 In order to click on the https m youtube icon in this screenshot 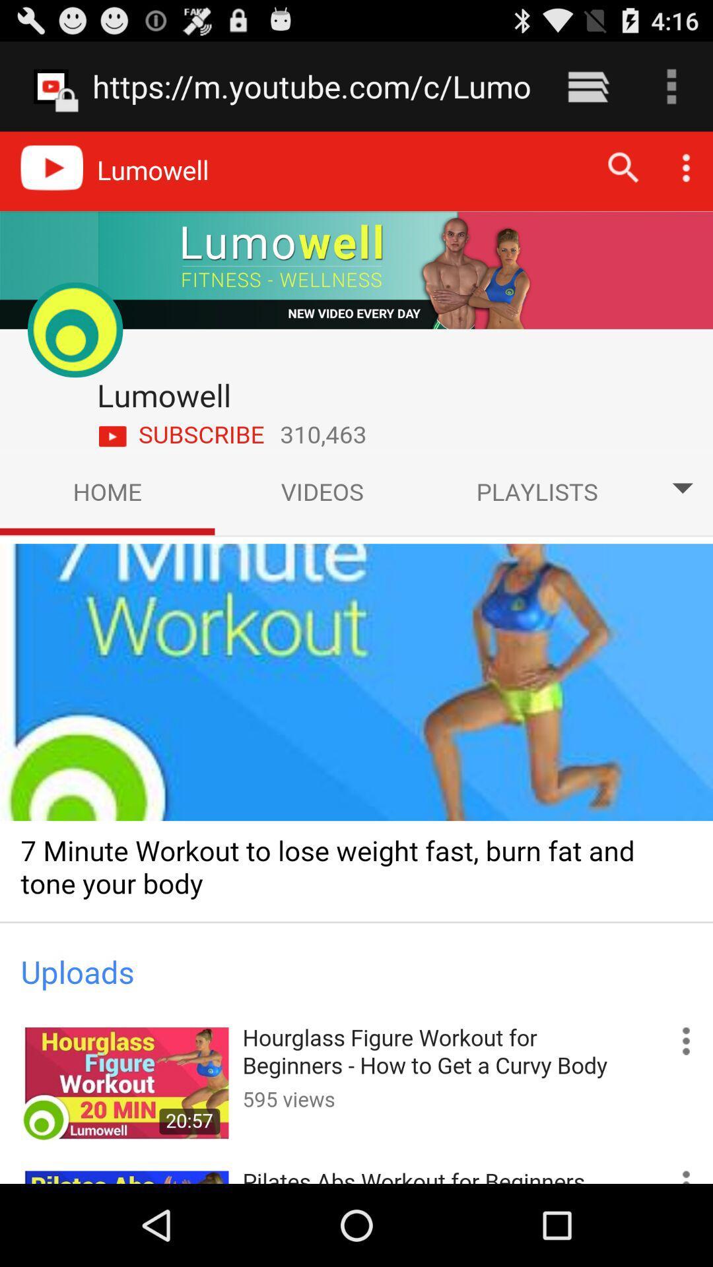, I will do `click(312, 86)`.